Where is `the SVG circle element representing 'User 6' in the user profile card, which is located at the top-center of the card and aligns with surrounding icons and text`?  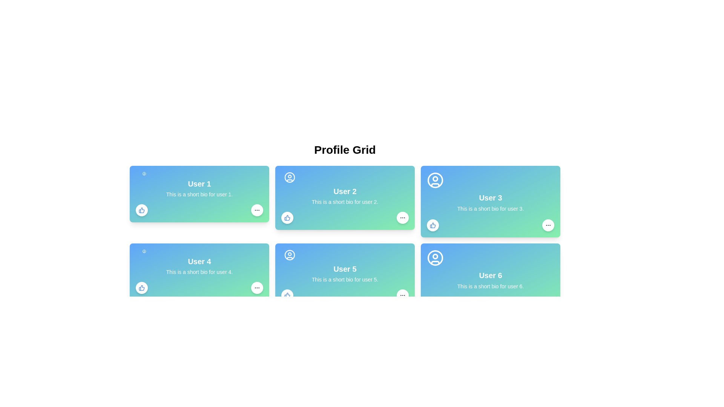 the SVG circle element representing 'User 6' in the user profile card, which is located at the top-center of the card and aligns with surrounding icons and text is located at coordinates (435, 257).